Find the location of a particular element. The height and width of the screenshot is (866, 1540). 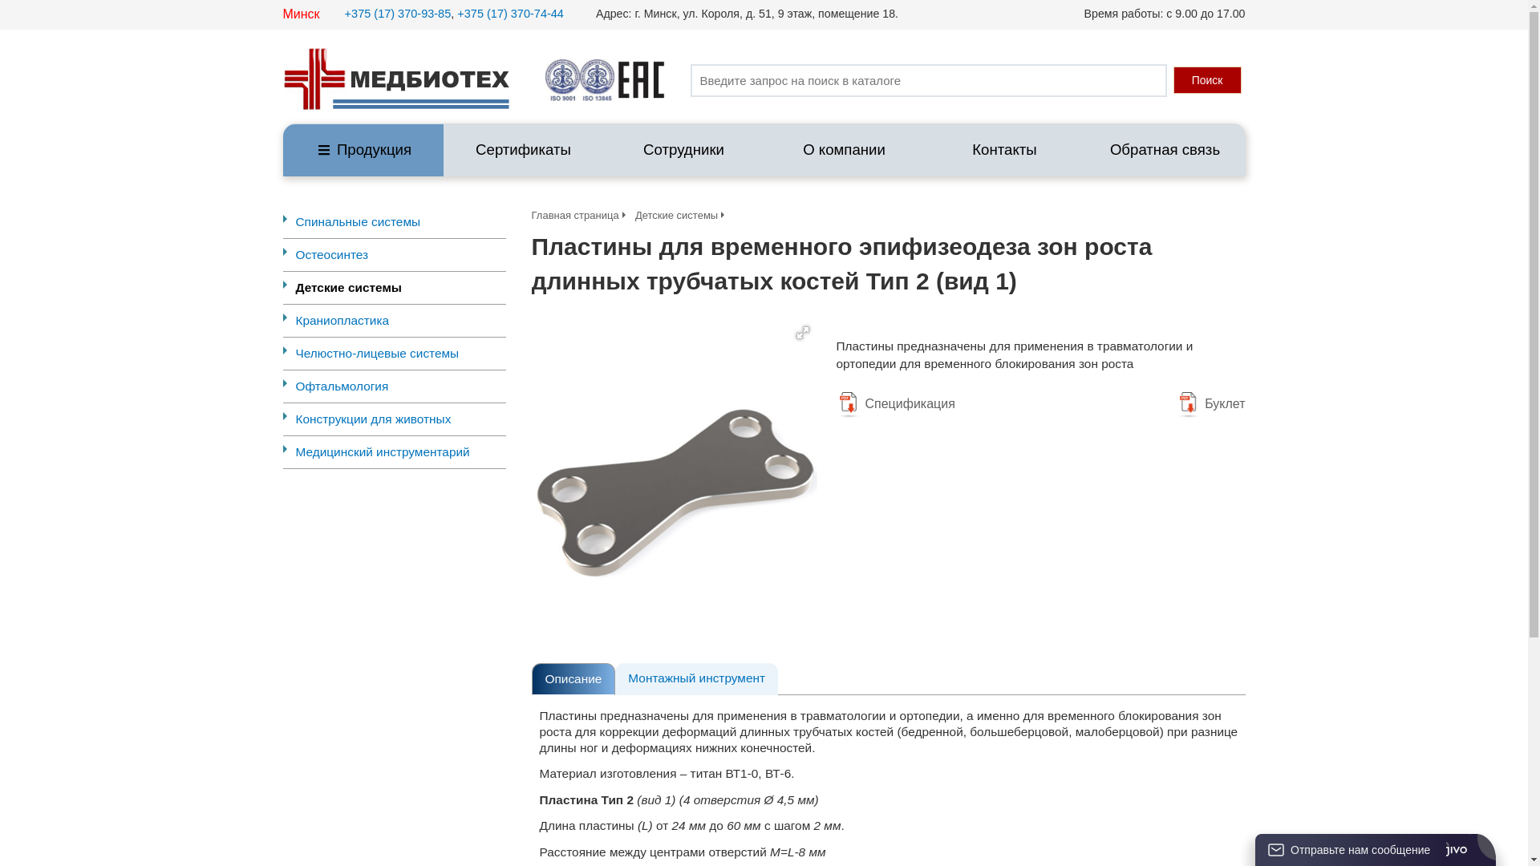

'+375 (17) 370-74-44' is located at coordinates (509, 13).